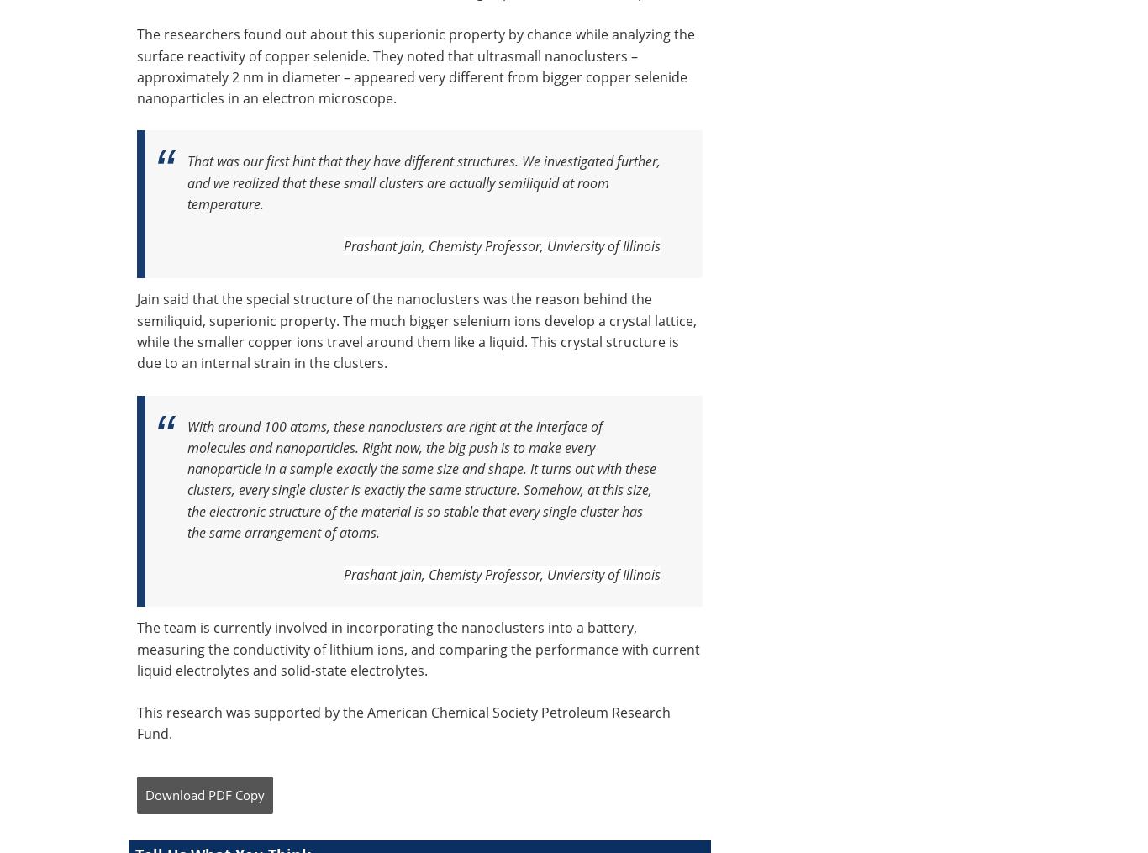 The width and height of the screenshot is (1148, 853). Describe the element at coordinates (403, 723) in the screenshot. I see `'This research was supported by the American Chemical Society Petroleum Research Fund.'` at that location.